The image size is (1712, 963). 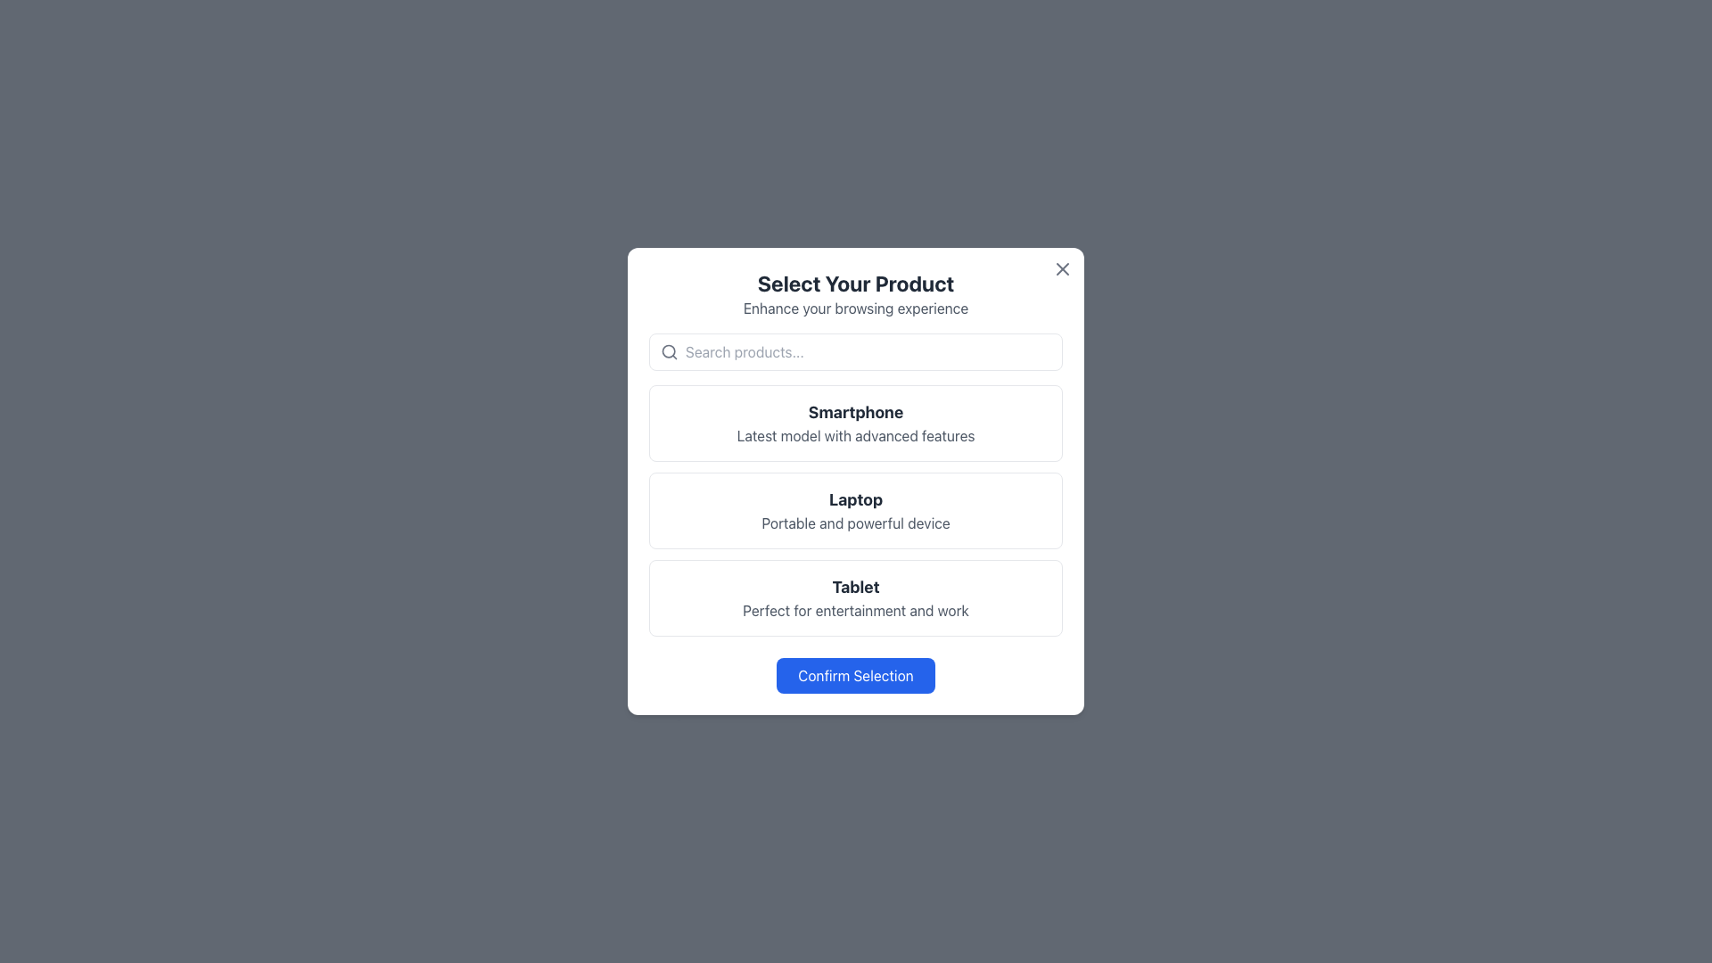 What do you see at coordinates (856, 282) in the screenshot?
I see `the Text Label that serves as a title for the modal, positioned above the text 'Enhance your browsing experience'` at bounding box center [856, 282].